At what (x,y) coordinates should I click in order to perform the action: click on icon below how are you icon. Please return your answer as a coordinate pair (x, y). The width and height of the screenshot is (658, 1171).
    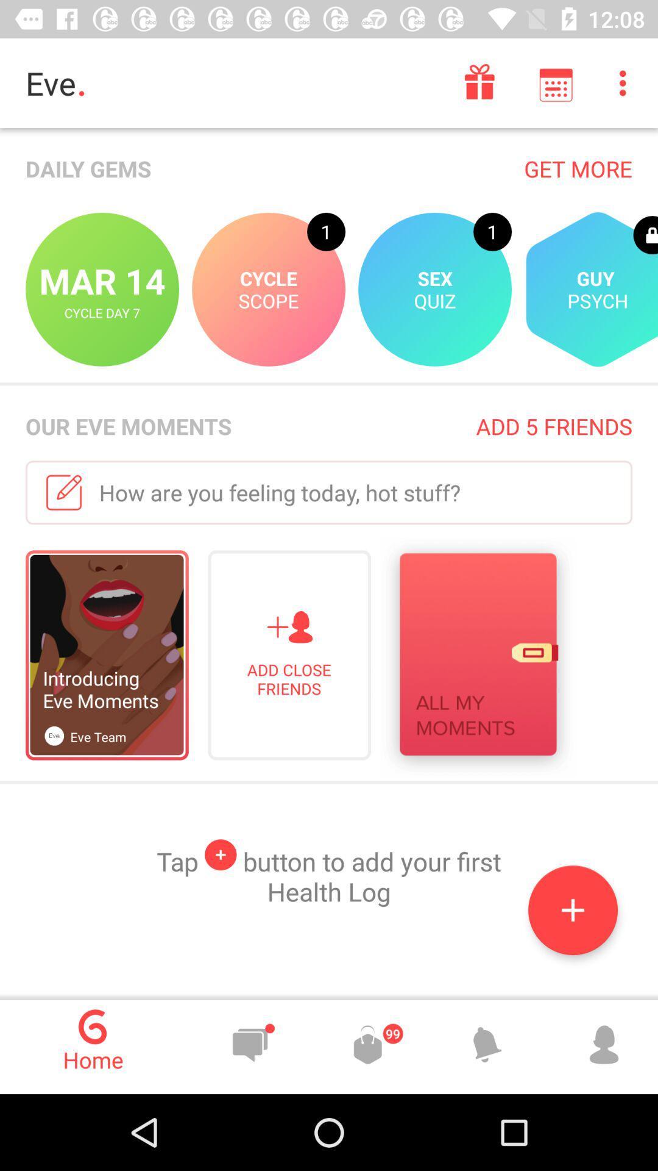
    Looking at the image, I should click on (477, 657).